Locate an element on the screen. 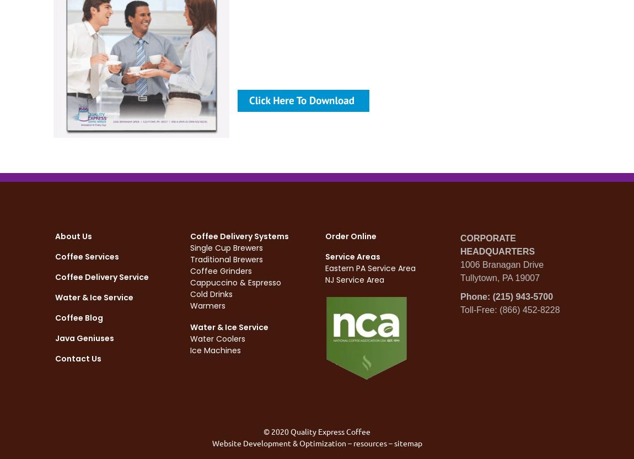 This screenshot has height=459, width=634. 'CORPORATE HEADQUARTERS' is located at coordinates (497, 244).